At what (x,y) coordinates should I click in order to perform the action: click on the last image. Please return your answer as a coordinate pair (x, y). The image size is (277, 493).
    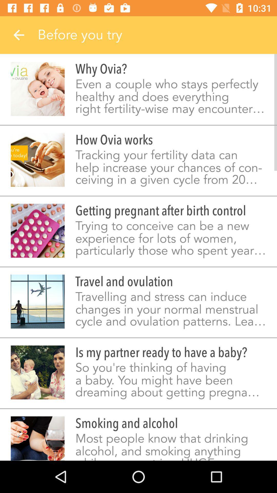
    Looking at the image, I should click on (37, 438).